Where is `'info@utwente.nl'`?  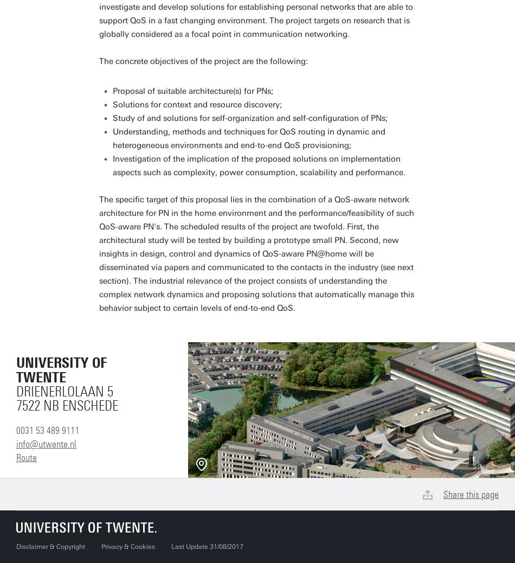
'info@utwente.nl' is located at coordinates (46, 444).